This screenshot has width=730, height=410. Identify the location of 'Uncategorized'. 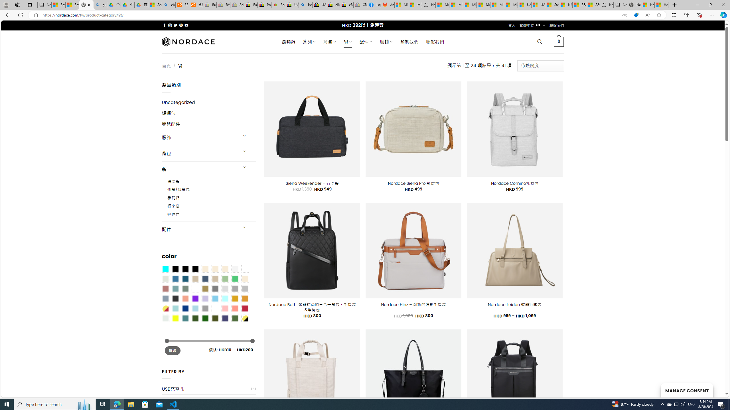
(208, 102).